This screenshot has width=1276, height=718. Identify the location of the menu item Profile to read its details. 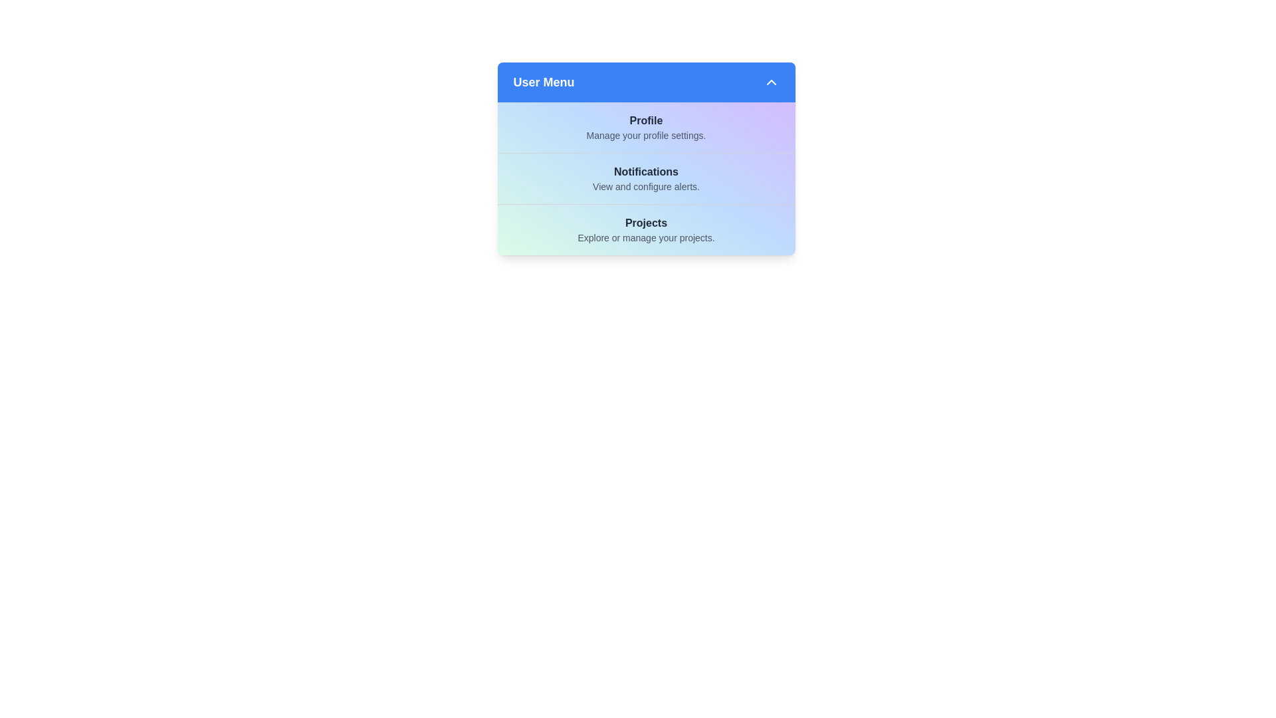
(646, 128).